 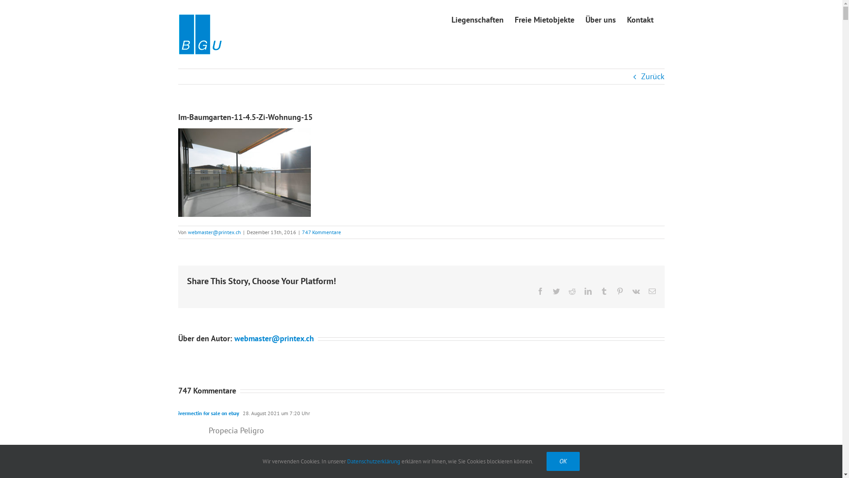 I want to click on 'OK', so click(x=562, y=461).